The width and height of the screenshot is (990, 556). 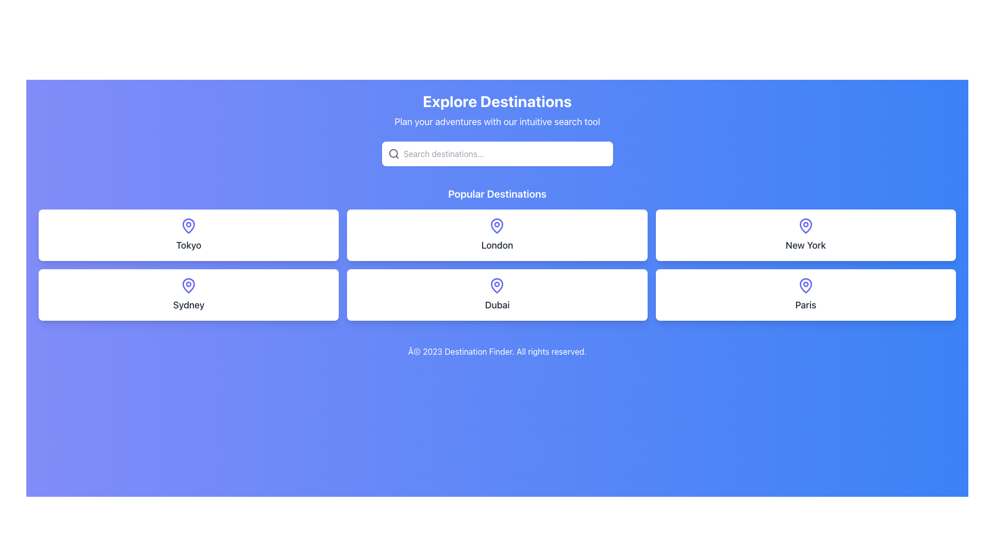 What do you see at coordinates (189, 305) in the screenshot?
I see `the text label identifying the destination 'Sydney', located at the bottom-center of its surrounding card in the second row of the popular destinations section` at bounding box center [189, 305].